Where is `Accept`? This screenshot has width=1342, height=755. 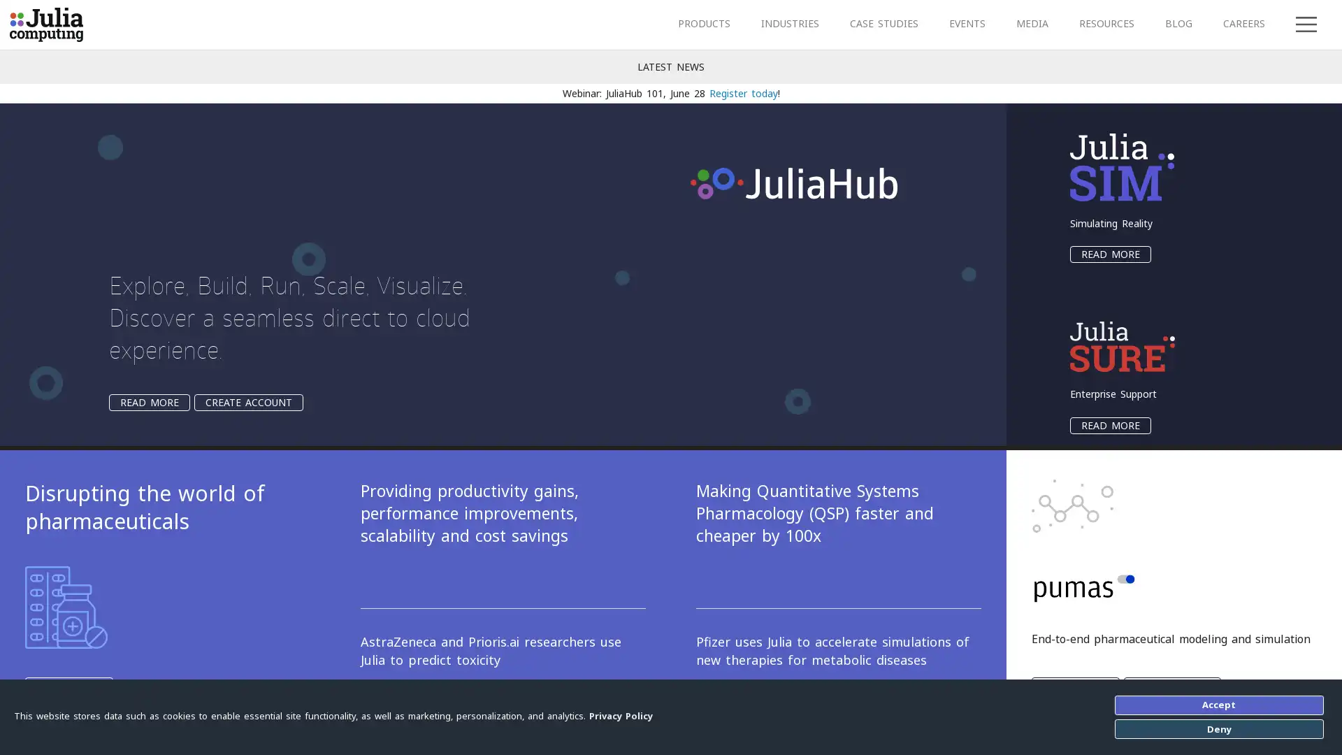
Accept is located at coordinates (1218, 704).